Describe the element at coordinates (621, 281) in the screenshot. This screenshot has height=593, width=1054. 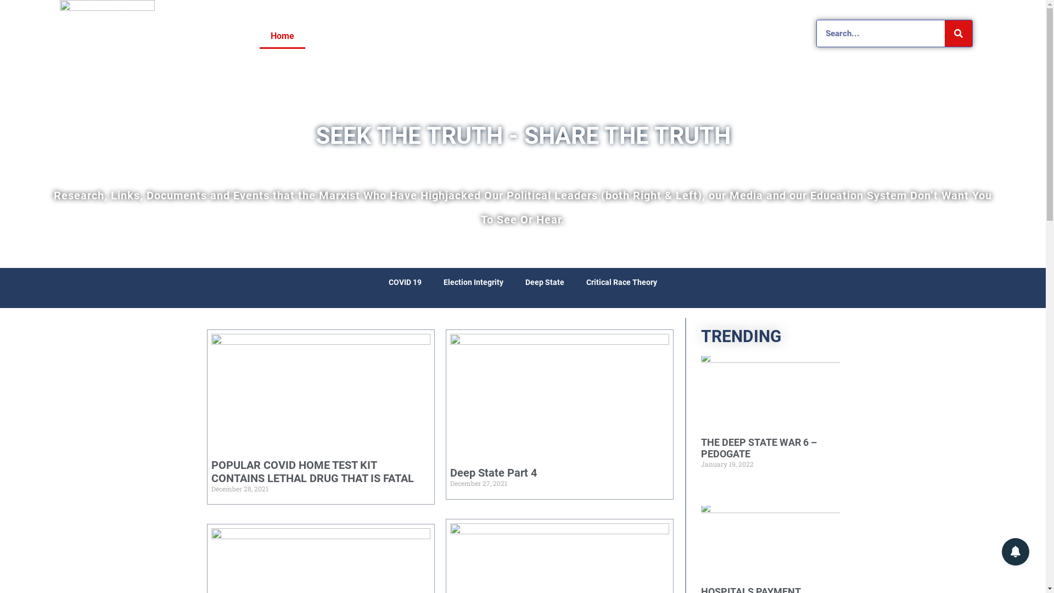
I see `'Critical Race Theory'` at that location.